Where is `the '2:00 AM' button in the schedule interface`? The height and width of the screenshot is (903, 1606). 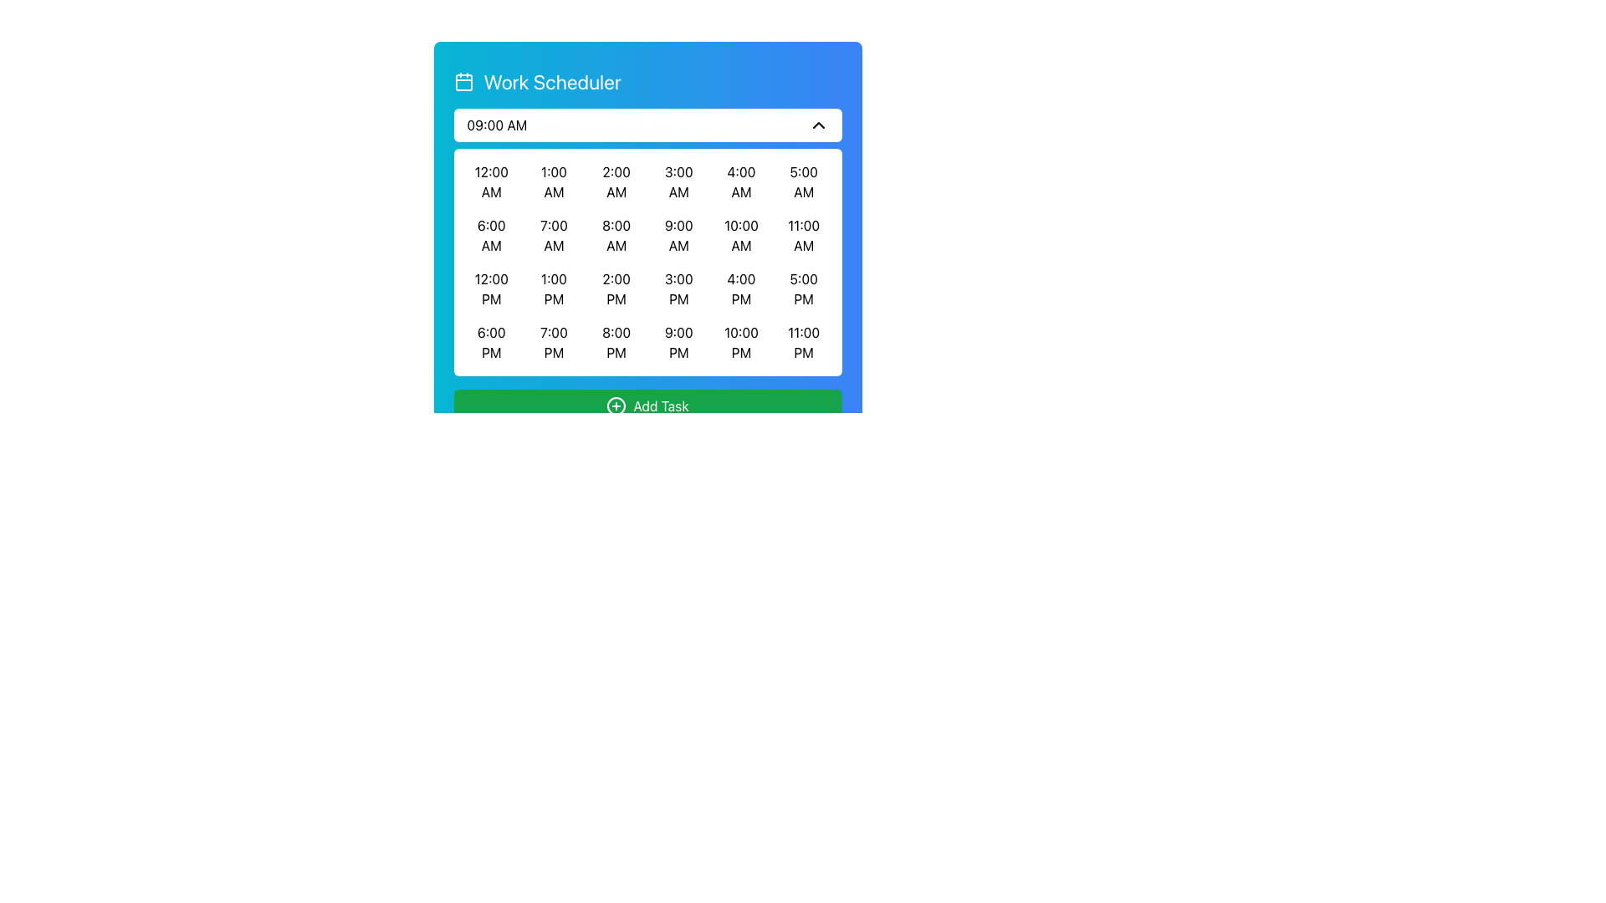
the '2:00 AM' button in the schedule interface is located at coordinates (616, 182).